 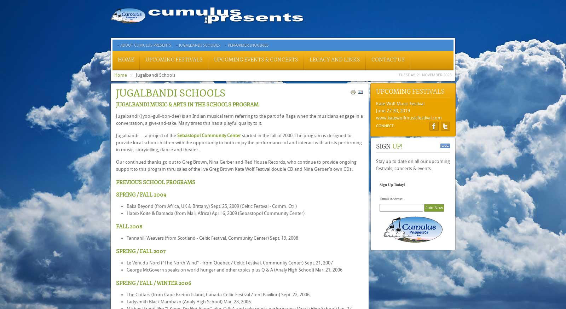 I want to click on 'Jugalbandi — a project of the', so click(x=146, y=135).